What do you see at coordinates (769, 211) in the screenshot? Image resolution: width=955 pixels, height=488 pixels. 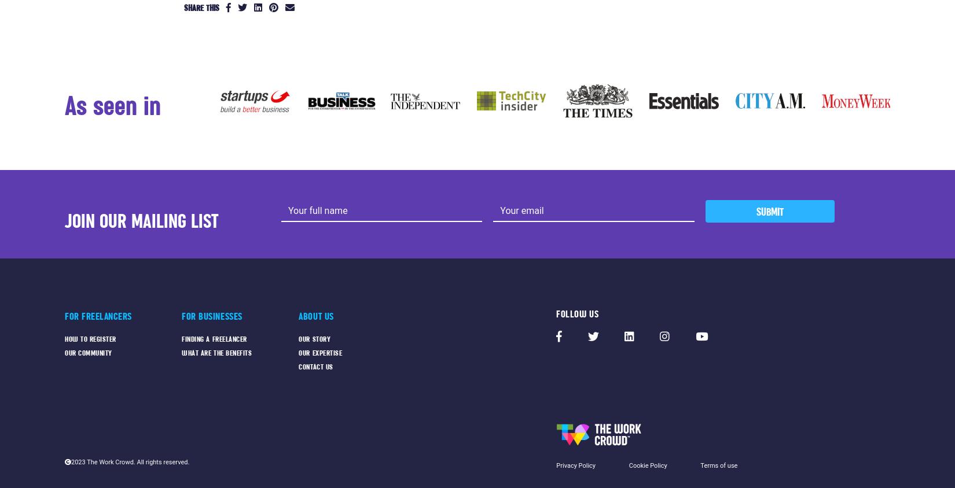 I see `'Submit'` at bounding box center [769, 211].